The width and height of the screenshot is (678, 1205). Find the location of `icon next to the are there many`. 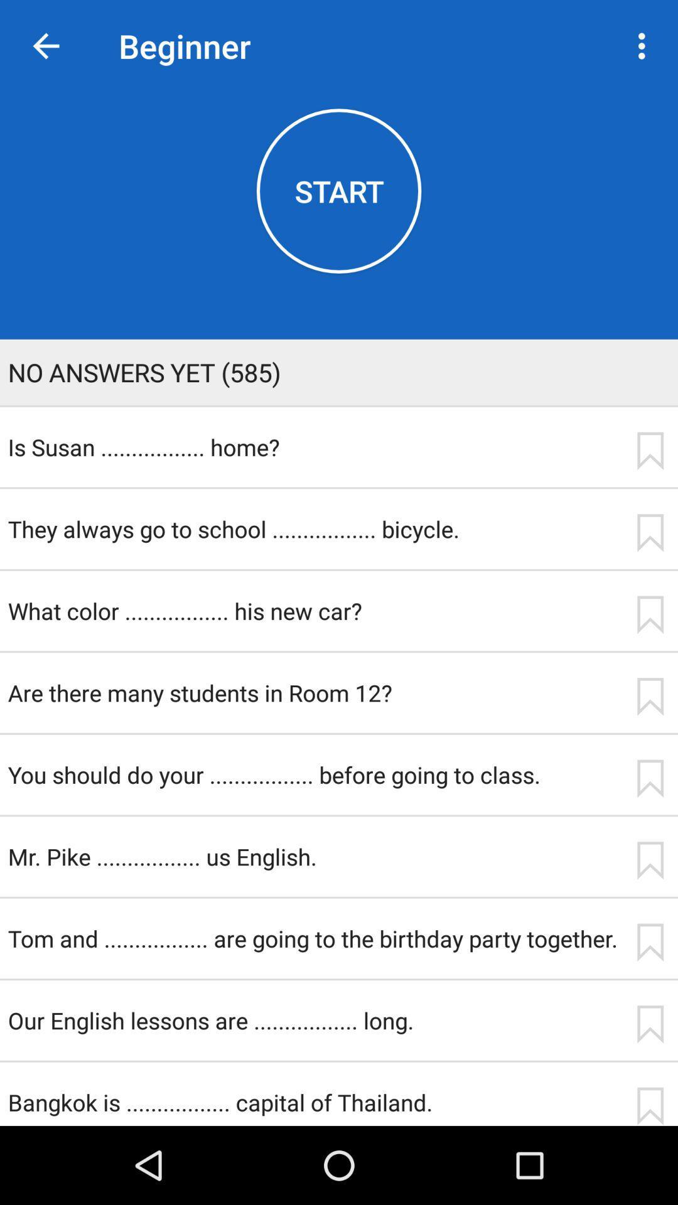

icon next to the are there many is located at coordinates (650, 696).